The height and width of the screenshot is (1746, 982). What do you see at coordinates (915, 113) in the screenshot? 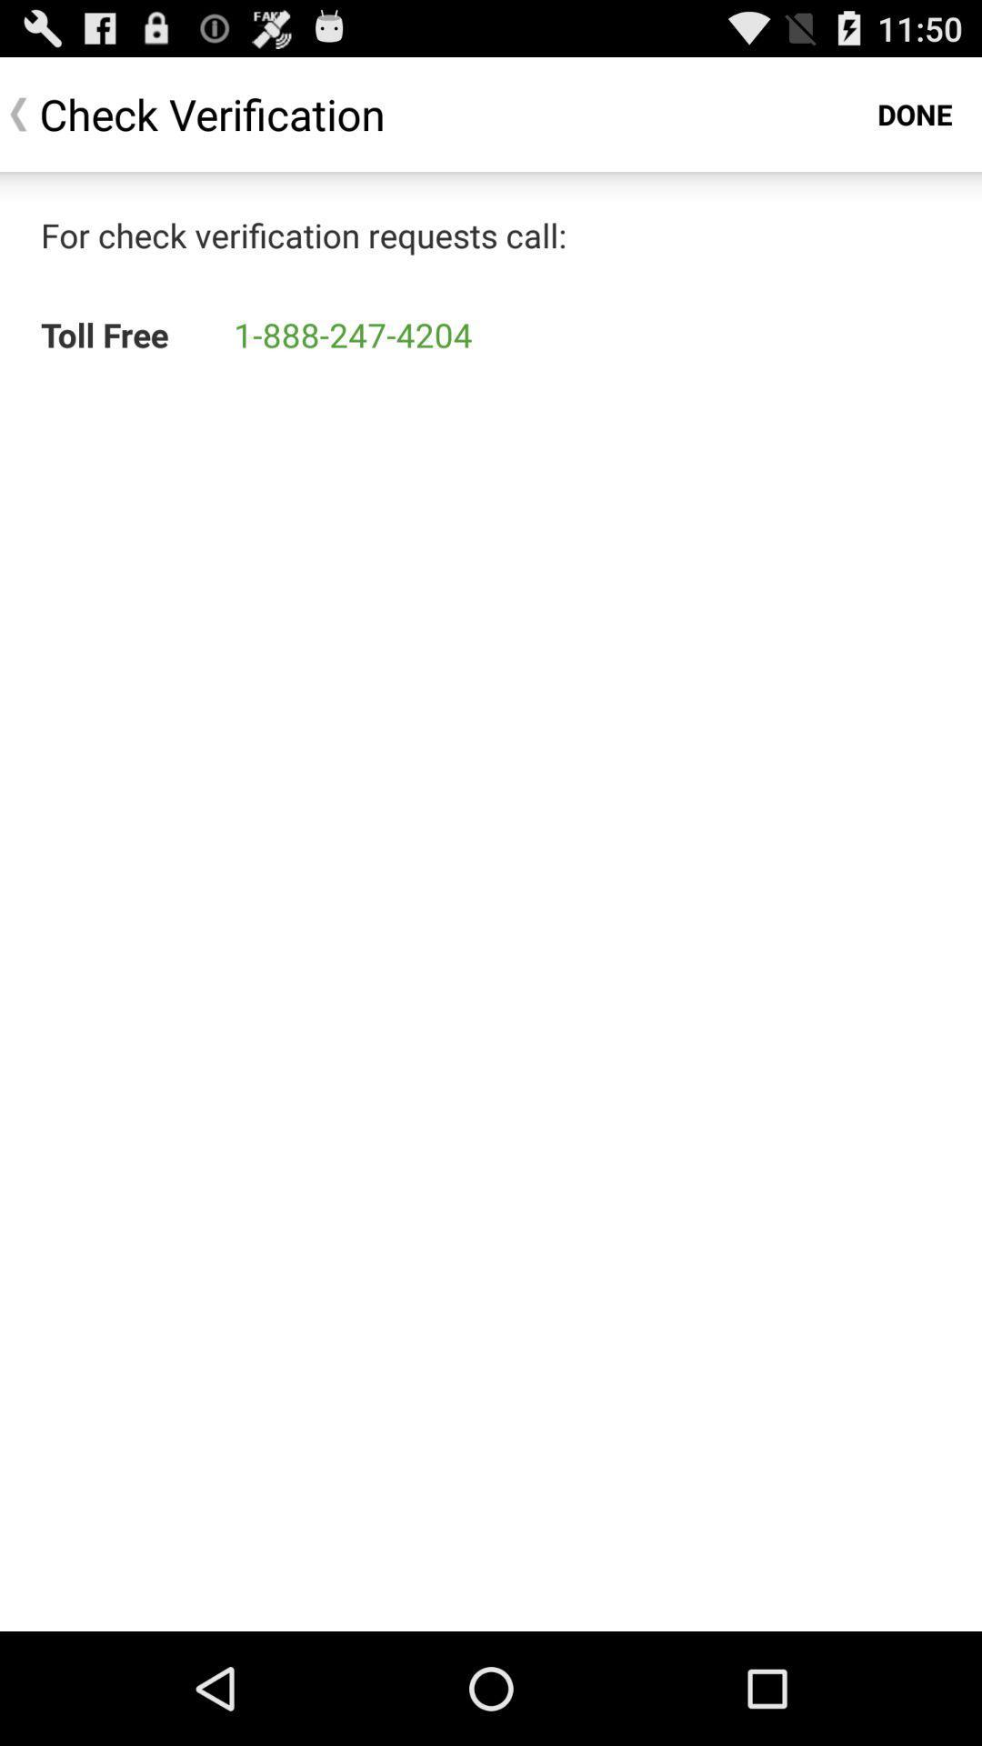
I see `the app next to the check verification` at bounding box center [915, 113].